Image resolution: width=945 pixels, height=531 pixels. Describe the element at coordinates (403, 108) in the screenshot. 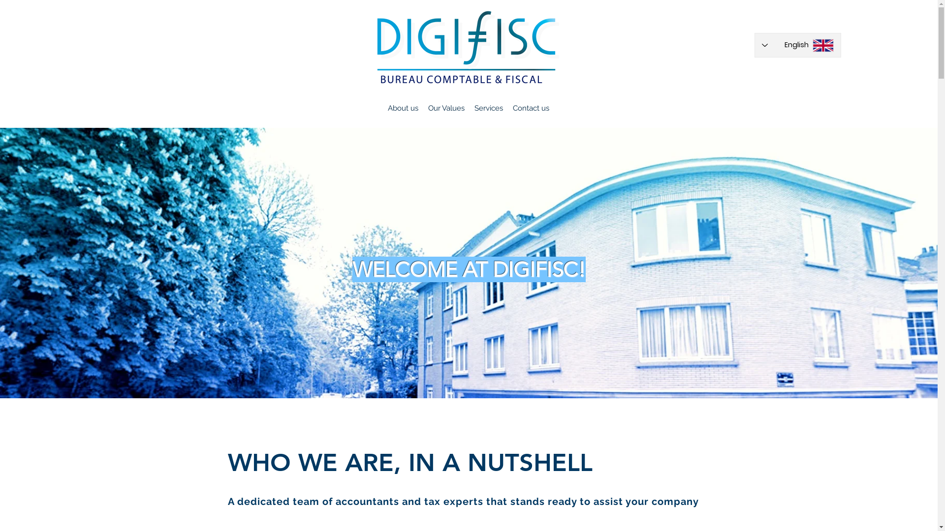

I see `'About us'` at that location.